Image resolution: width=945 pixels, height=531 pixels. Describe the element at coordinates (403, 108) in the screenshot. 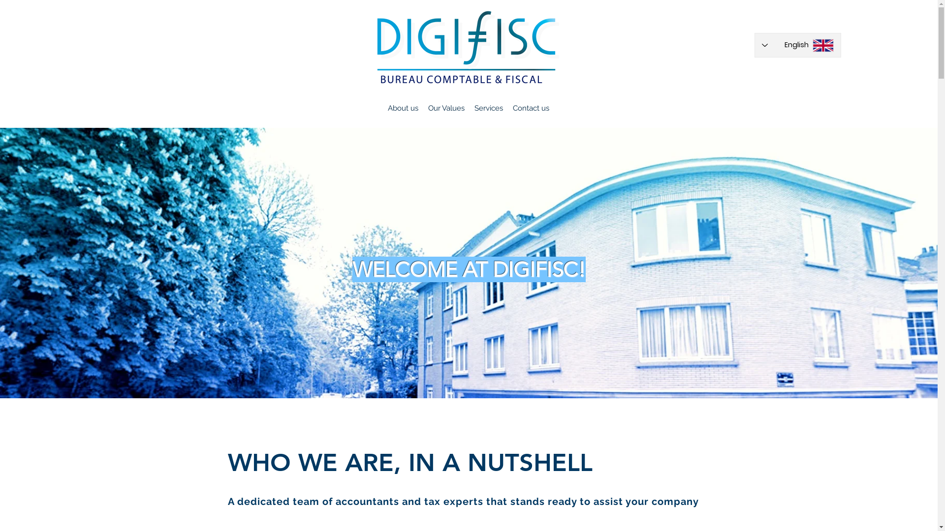

I see `'About us'` at that location.